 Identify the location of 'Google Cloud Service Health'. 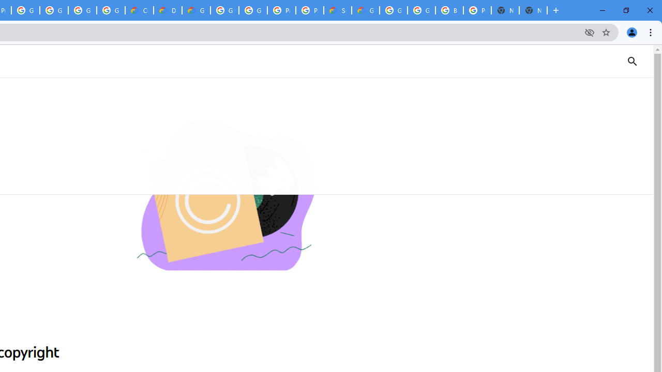
(365, 10).